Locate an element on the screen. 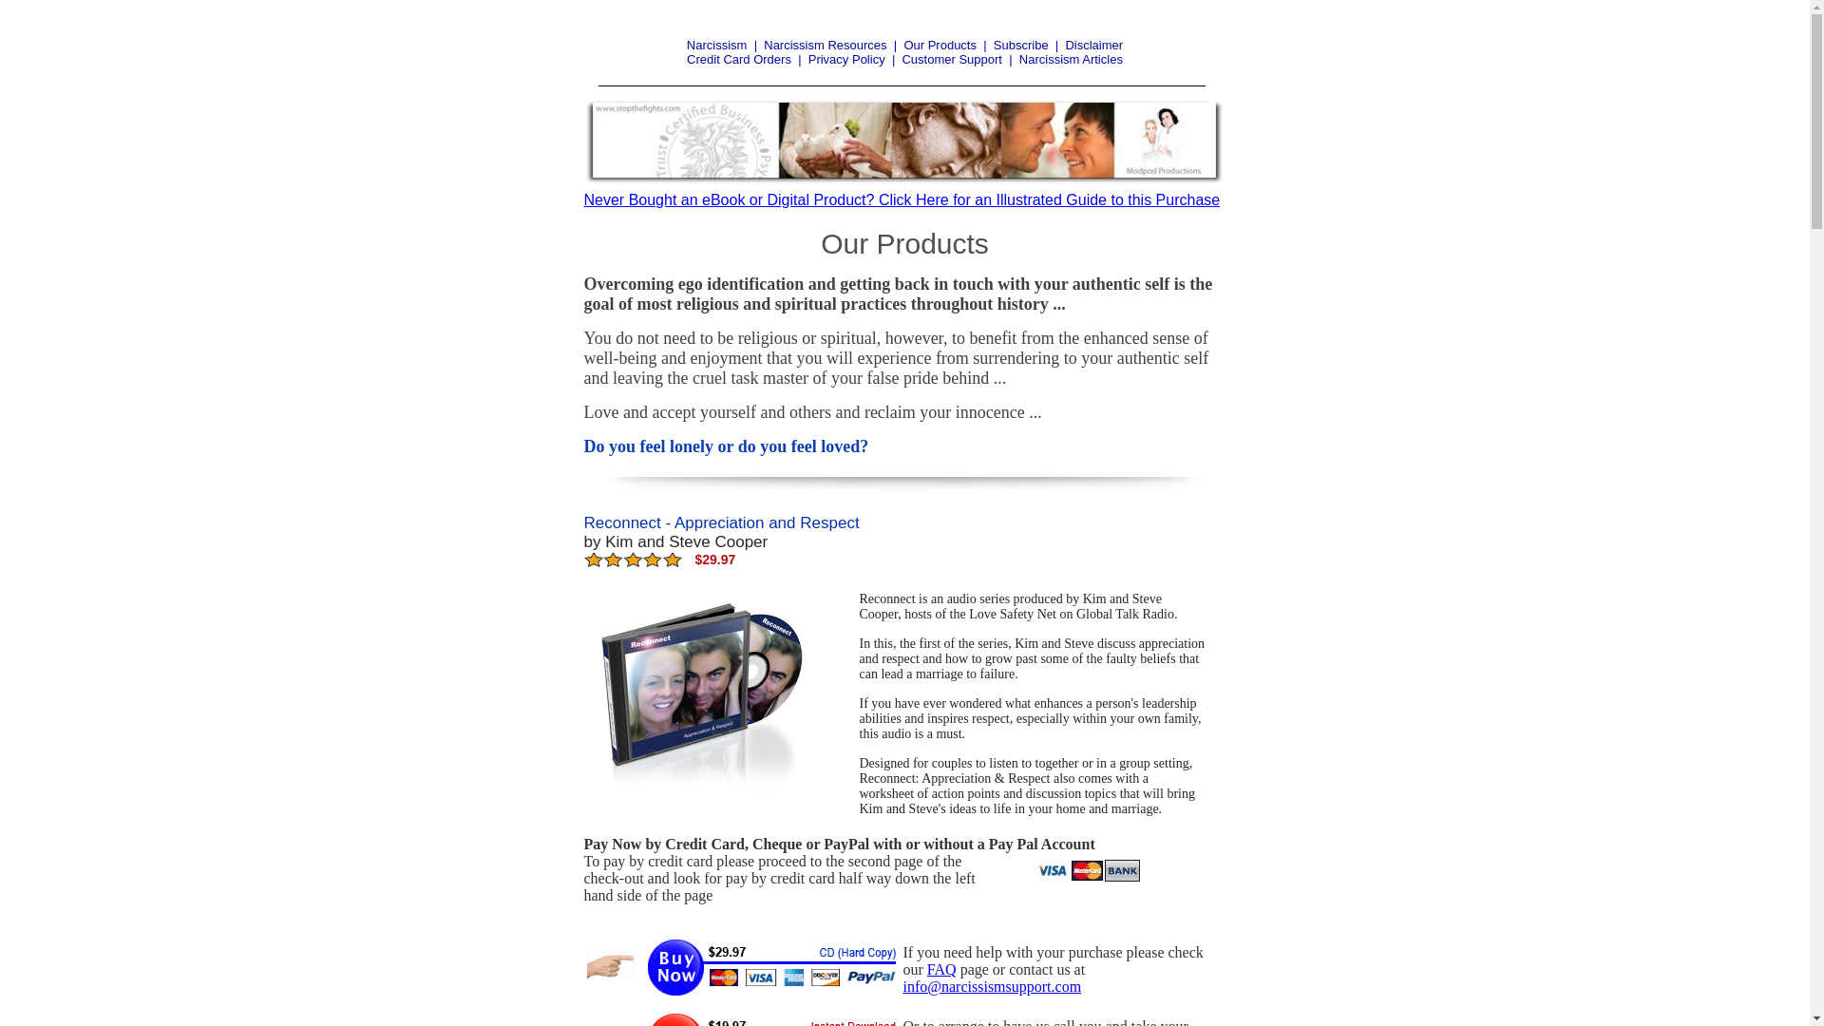 This screenshot has width=1824, height=1026. 'Subscribe' is located at coordinates (1020, 44).